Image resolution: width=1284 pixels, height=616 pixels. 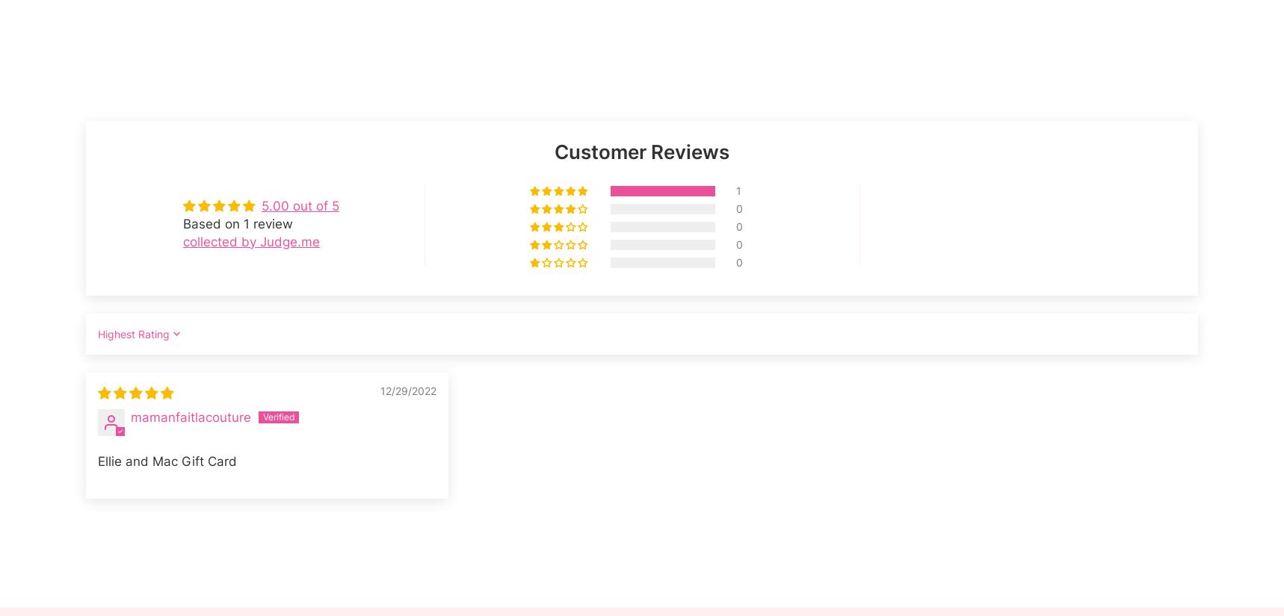 What do you see at coordinates (138, 412) in the screenshot?
I see `'Bangladesh (USD $)'` at bounding box center [138, 412].